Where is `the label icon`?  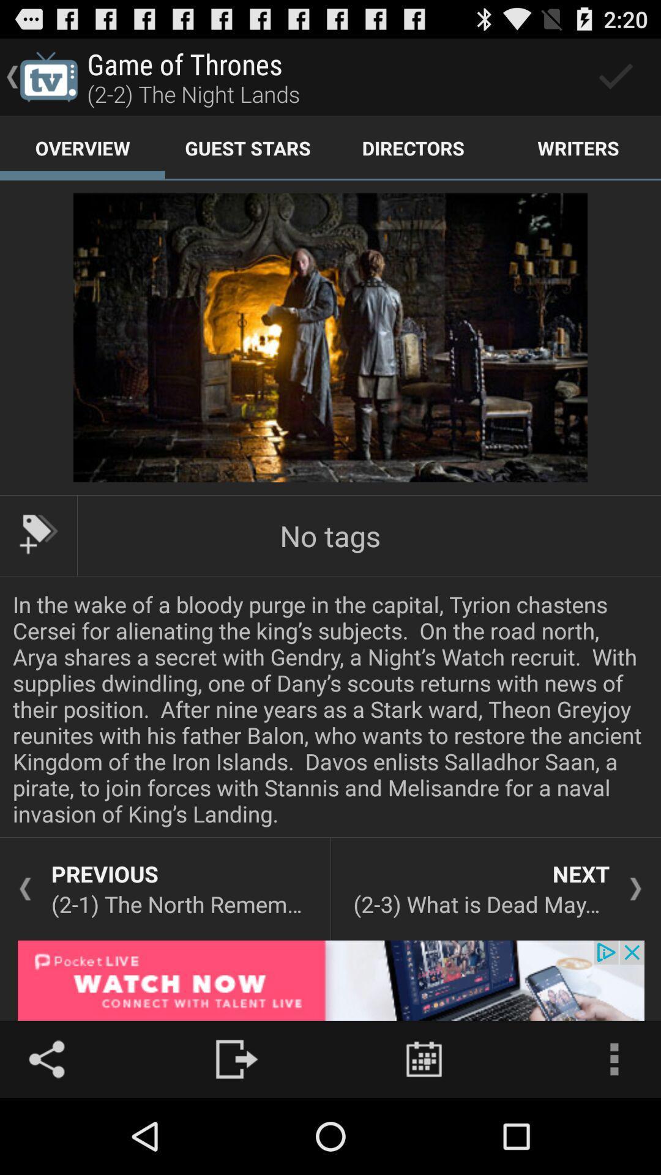
the label icon is located at coordinates (37, 571).